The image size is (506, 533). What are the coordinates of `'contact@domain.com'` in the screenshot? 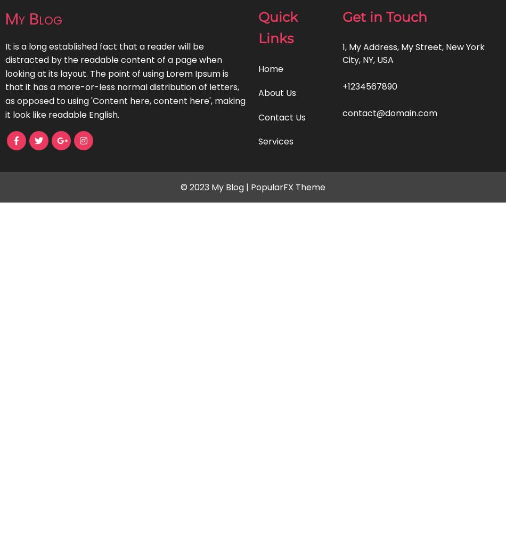 It's located at (389, 112).